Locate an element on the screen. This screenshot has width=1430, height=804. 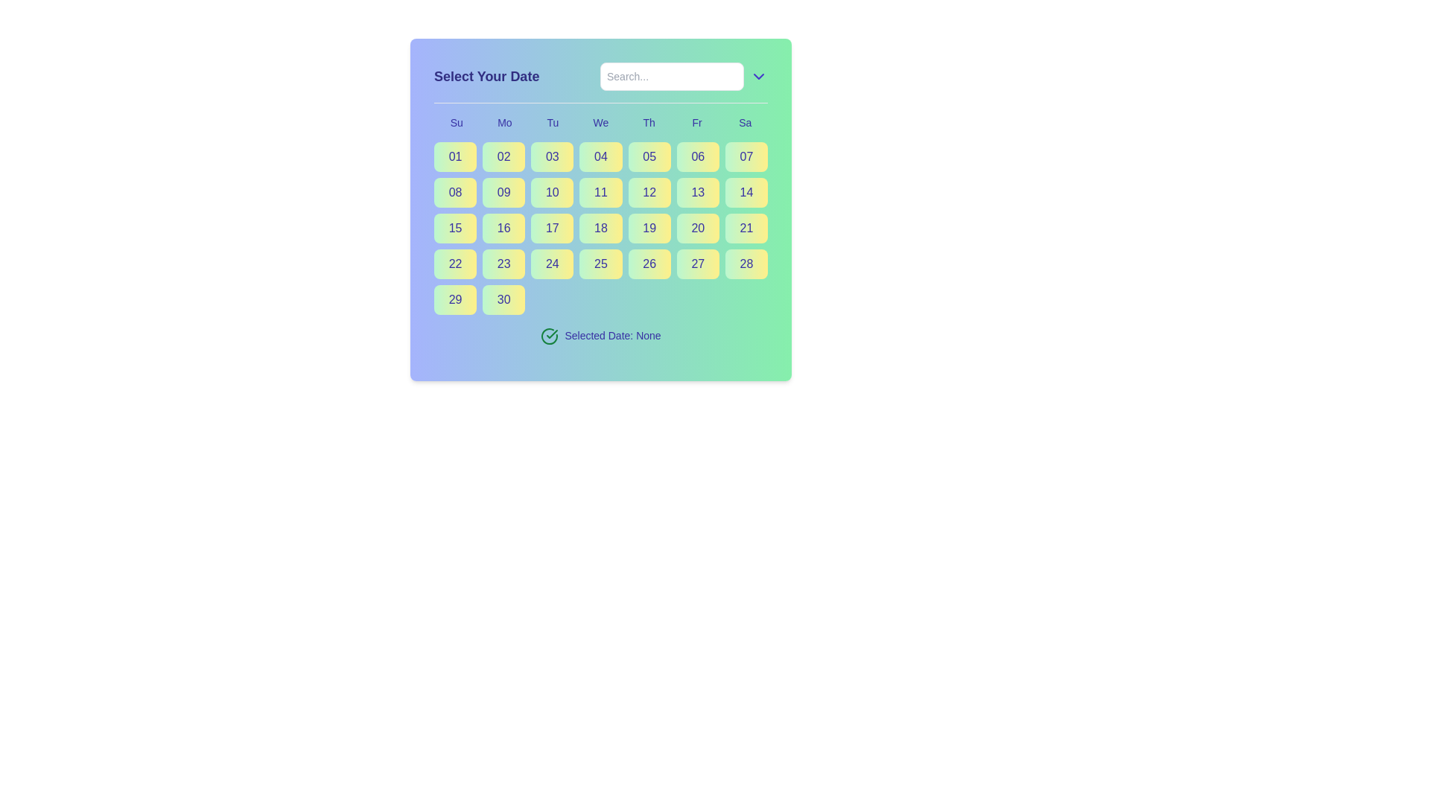
the button displaying the number '17' located in the third row and fourth column of the grid layout is located at coordinates (551, 229).